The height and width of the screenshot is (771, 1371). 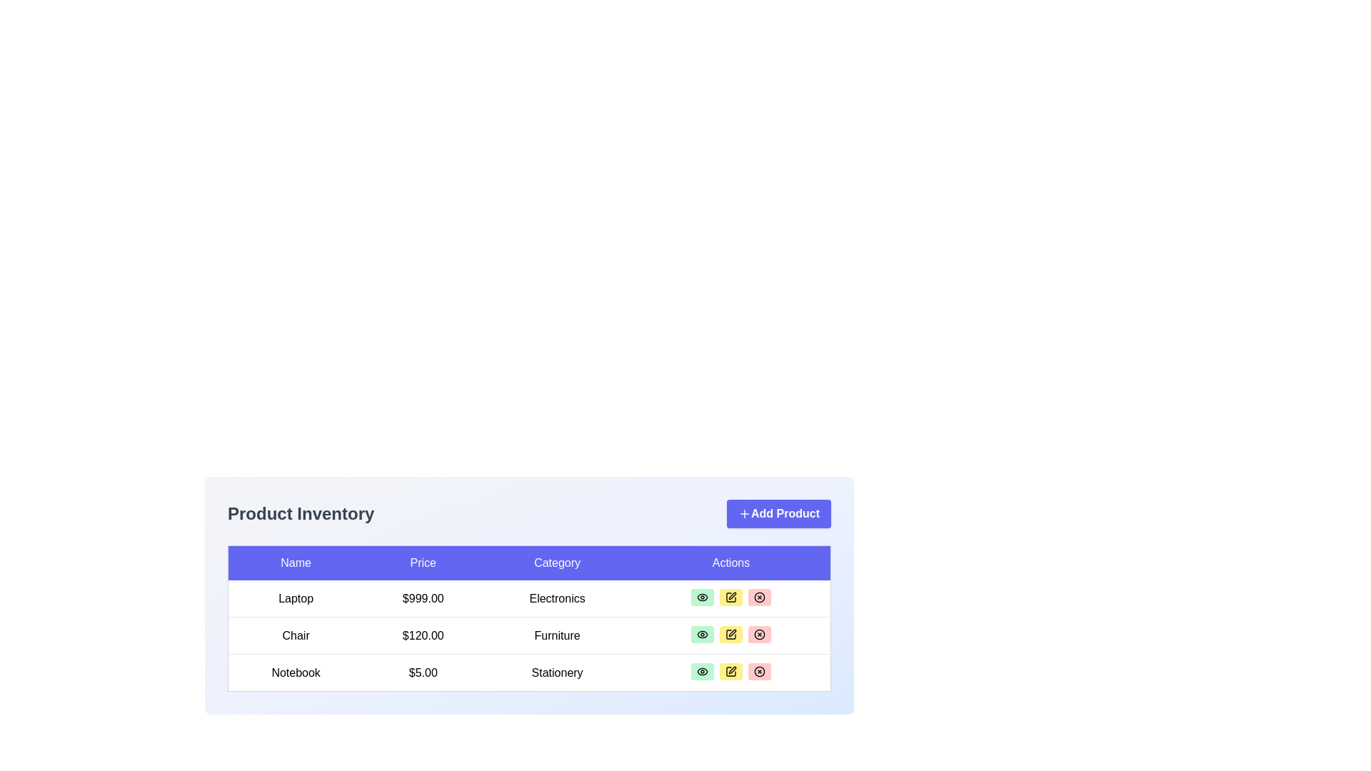 What do you see at coordinates (758, 598) in the screenshot?
I see `the circular icon element representing an interaction option in the 'Actions' column of the 'Product Inventory' table, specifically associated with the 'Notebook' row` at bounding box center [758, 598].